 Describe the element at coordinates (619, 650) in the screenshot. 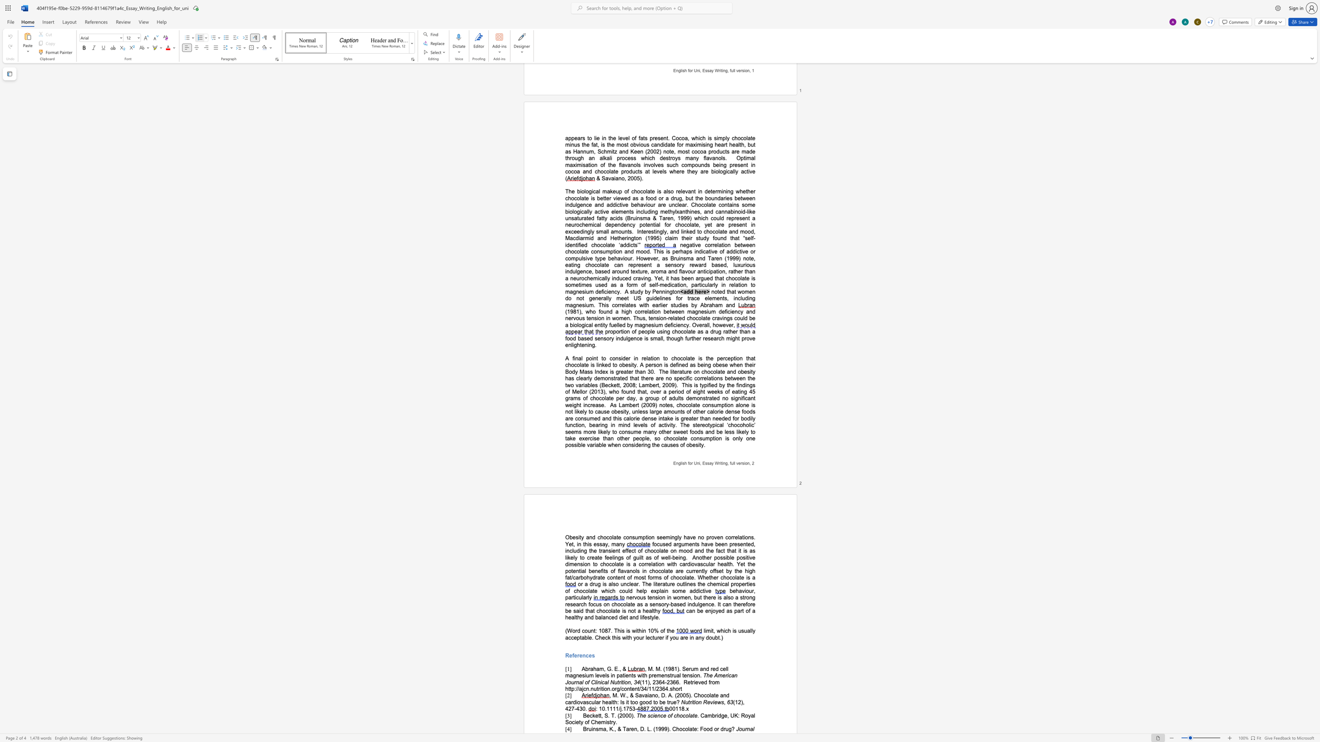

I see `the space between the continuous character "(" and "2" in the text` at that location.